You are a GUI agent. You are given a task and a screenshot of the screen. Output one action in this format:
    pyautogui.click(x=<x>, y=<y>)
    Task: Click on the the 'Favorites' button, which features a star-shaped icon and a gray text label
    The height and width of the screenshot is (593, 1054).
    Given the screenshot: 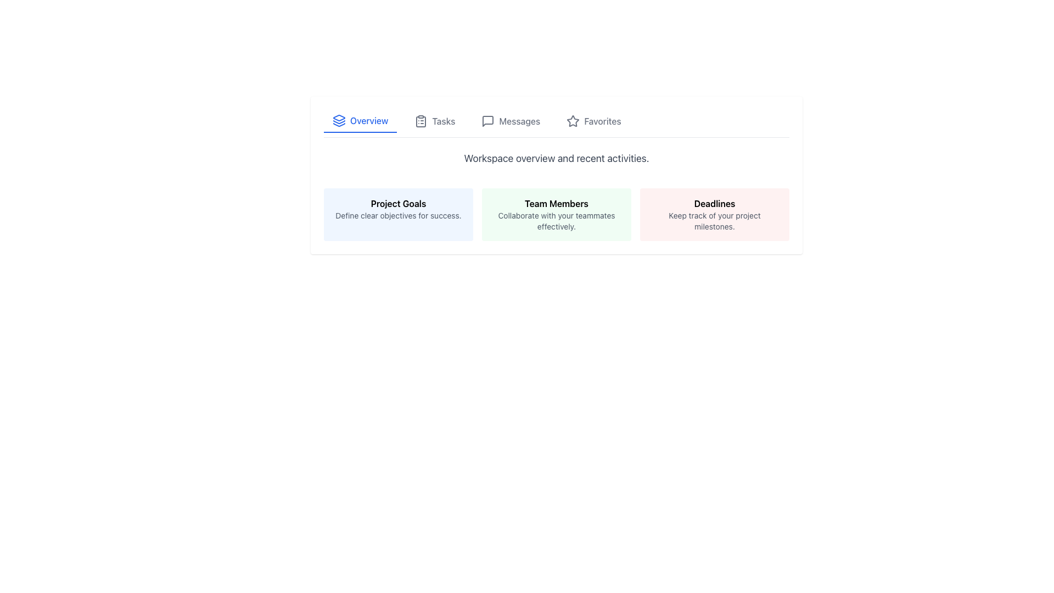 What is the action you would take?
    pyautogui.click(x=593, y=121)
    